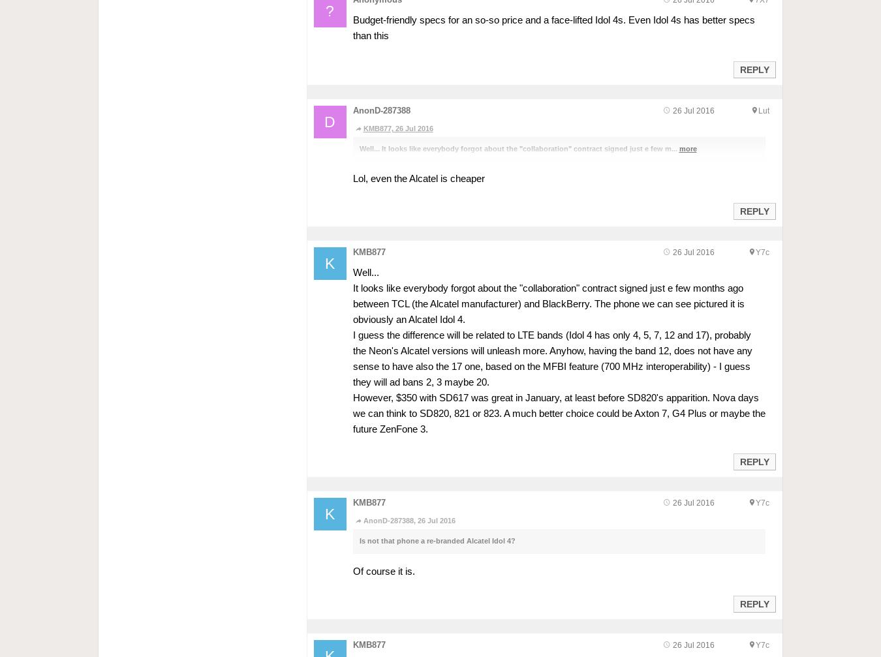  Describe the element at coordinates (397, 128) in the screenshot. I see `'KMB877, 26 Jul 2016'` at that location.